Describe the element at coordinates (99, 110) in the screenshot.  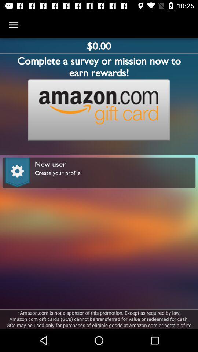
I see `amazon gift card survey` at that location.